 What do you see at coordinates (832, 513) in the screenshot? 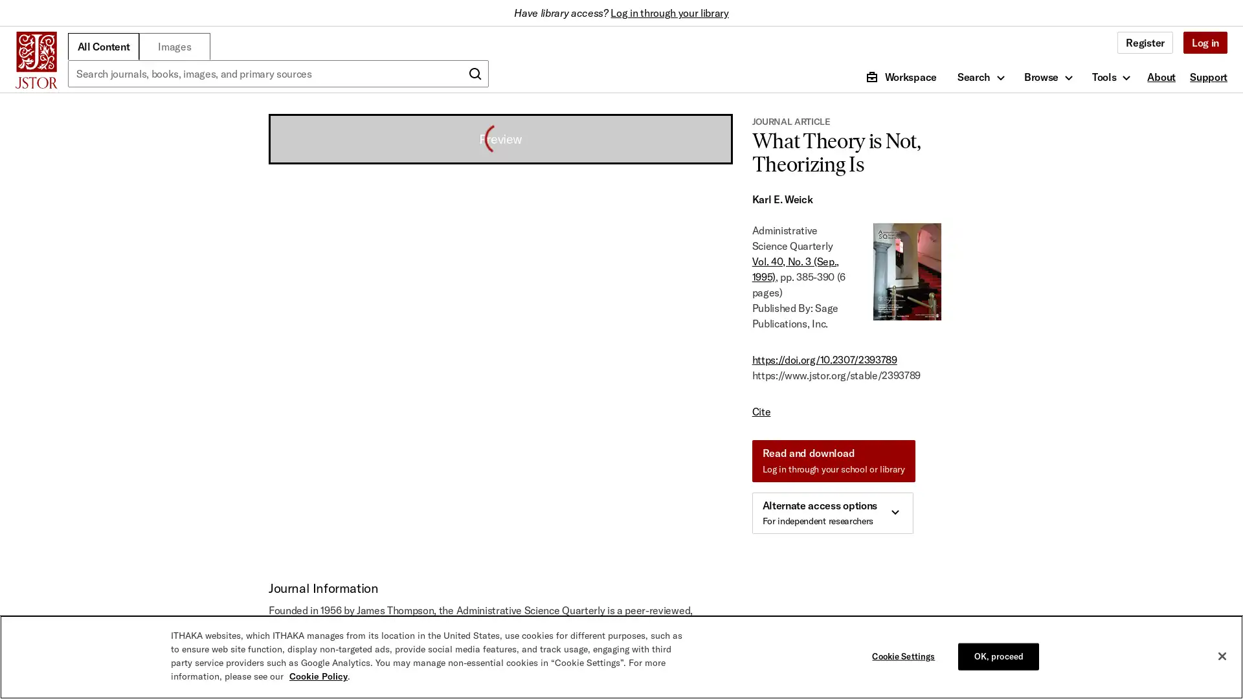
I see `Alternate access options For independent researchers` at bounding box center [832, 513].